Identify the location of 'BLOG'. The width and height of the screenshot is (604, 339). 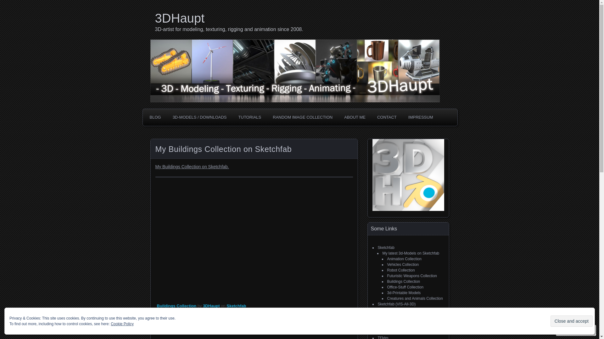
(155, 117).